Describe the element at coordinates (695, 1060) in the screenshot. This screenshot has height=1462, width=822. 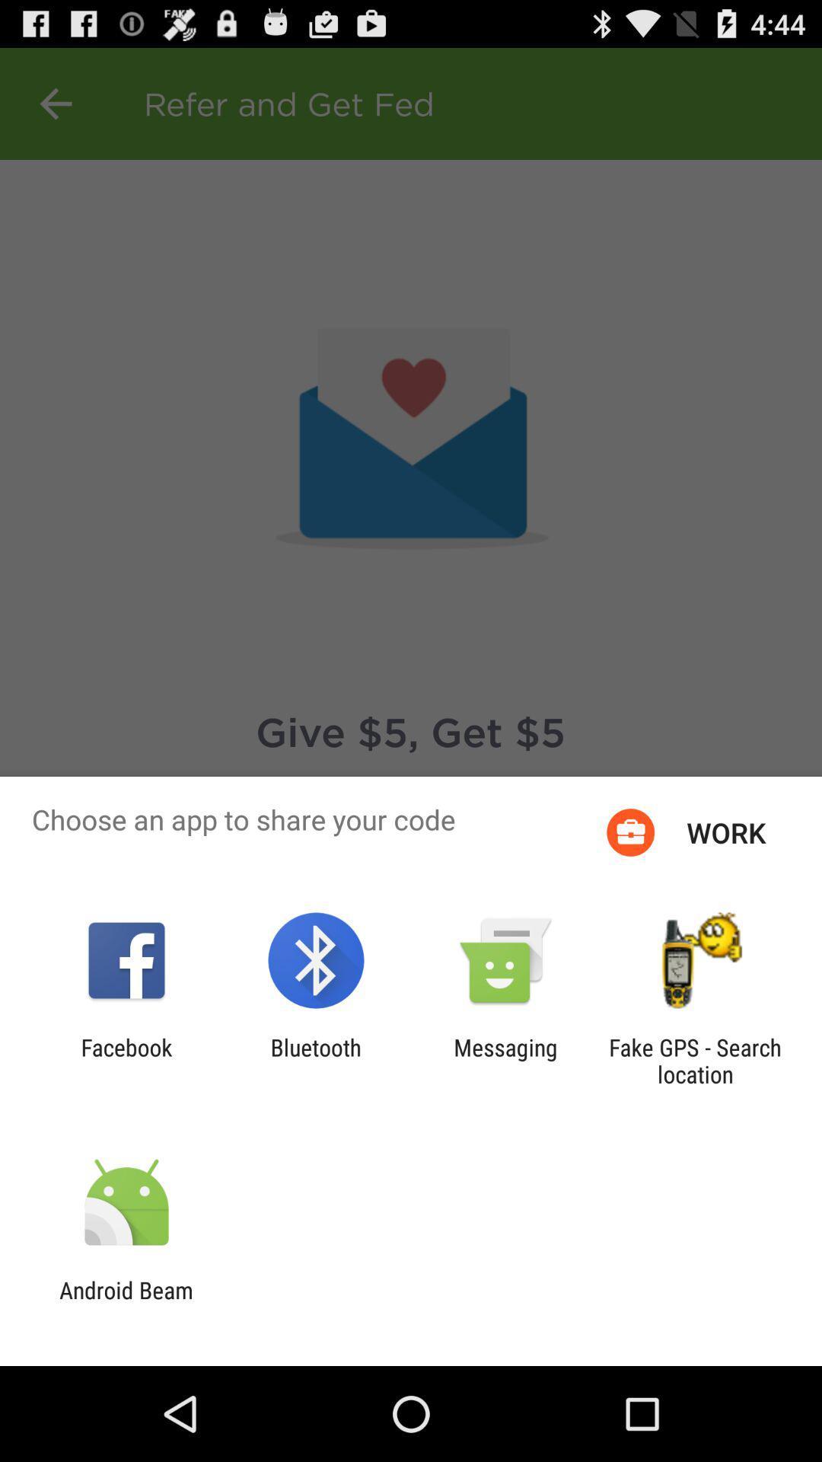
I see `the icon at the bottom right corner` at that location.